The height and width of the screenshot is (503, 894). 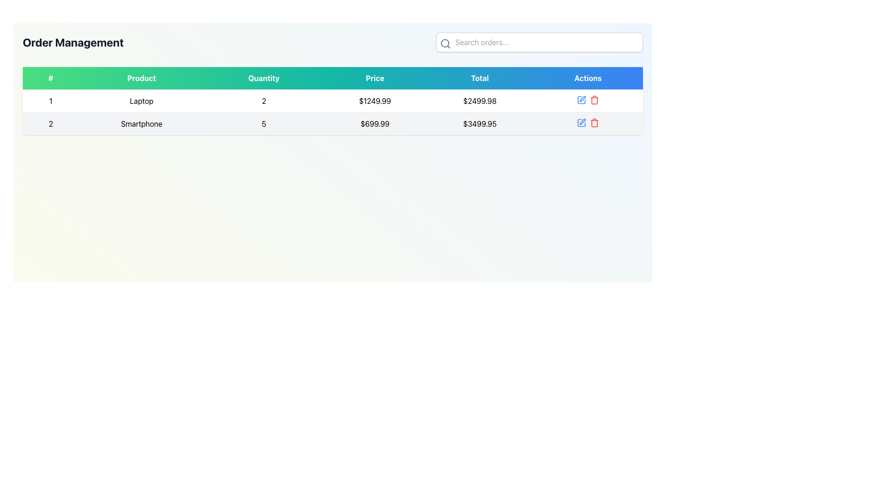 What do you see at coordinates (594, 122) in the screenshot?
I see `the delete icon located in the actions column of the second row in the table` at bounding box center [594, 122].